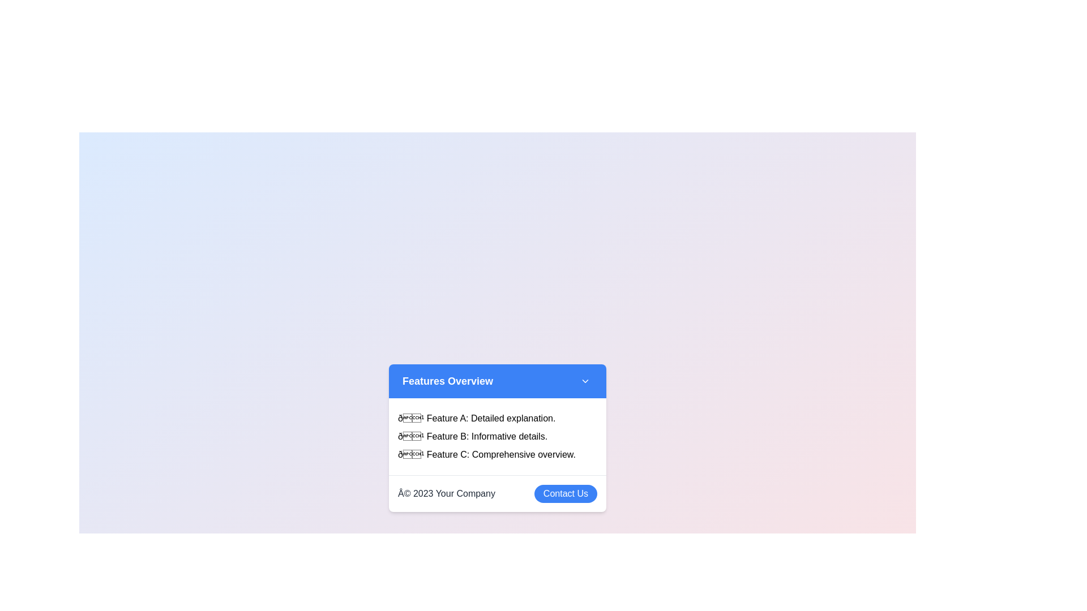 The width and height of the screenshot is (1087, 611). I want to click on the blue 'Contact Us' button in the bottom right corner of the footer, so click(566, 493).